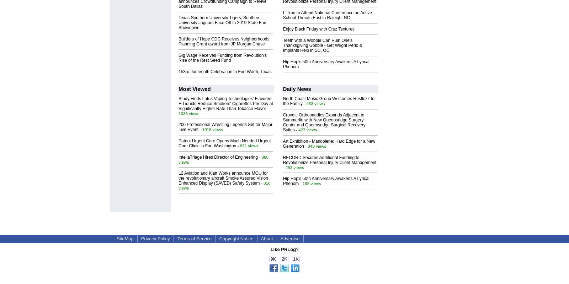  What do you see at coordinates (273, 258) in the screenshot?
I see `'9K'` at bounding box center [273, 258].